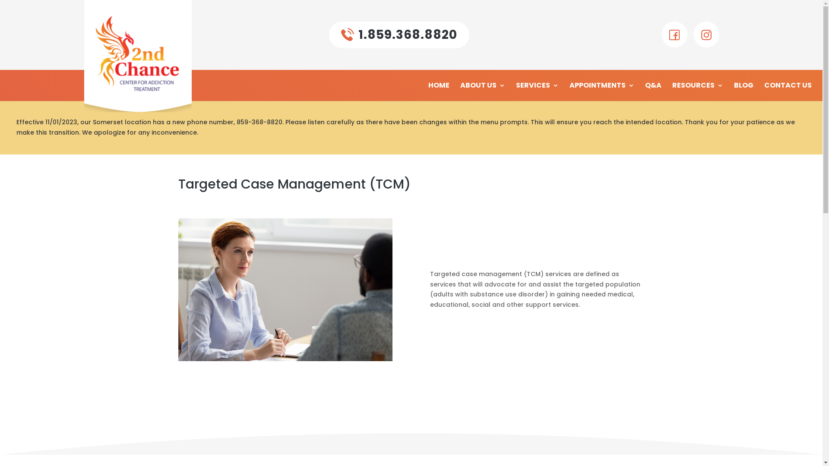  I want to click on '1.859.368.8820', so click(399, 34).